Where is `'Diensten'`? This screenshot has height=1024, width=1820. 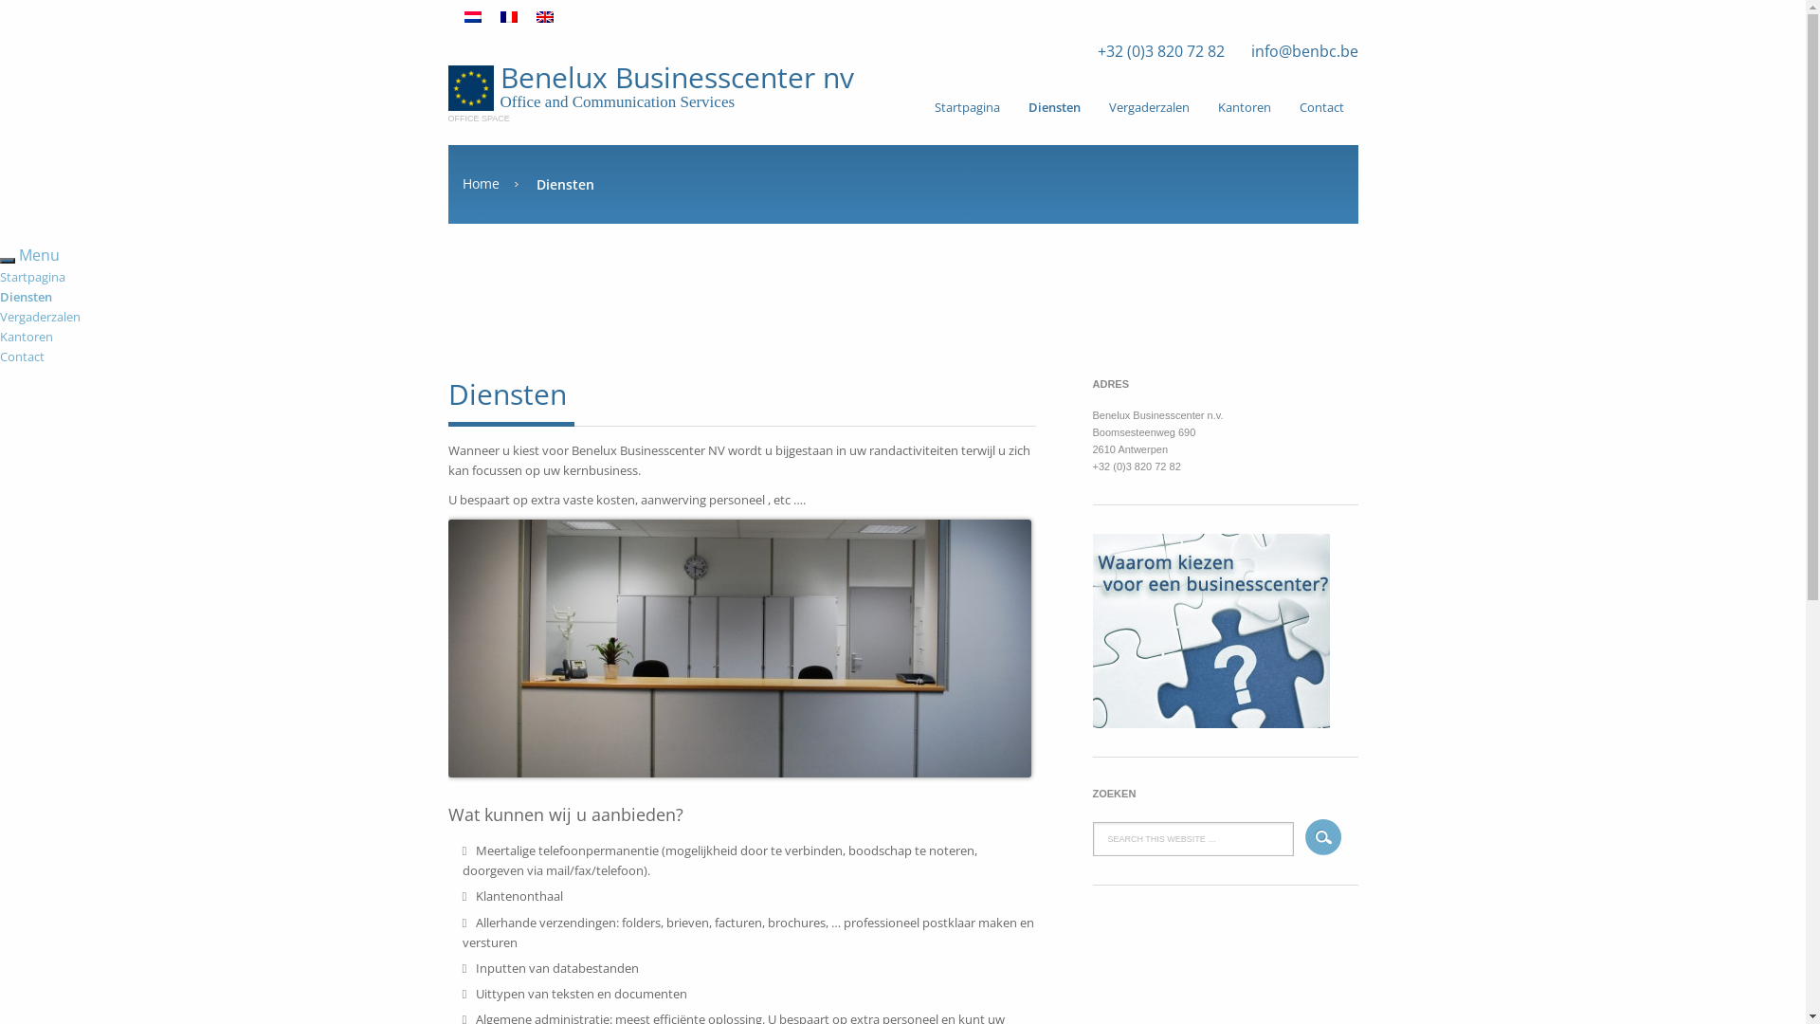
'Diensten' is located at coordinates (1013, 106).